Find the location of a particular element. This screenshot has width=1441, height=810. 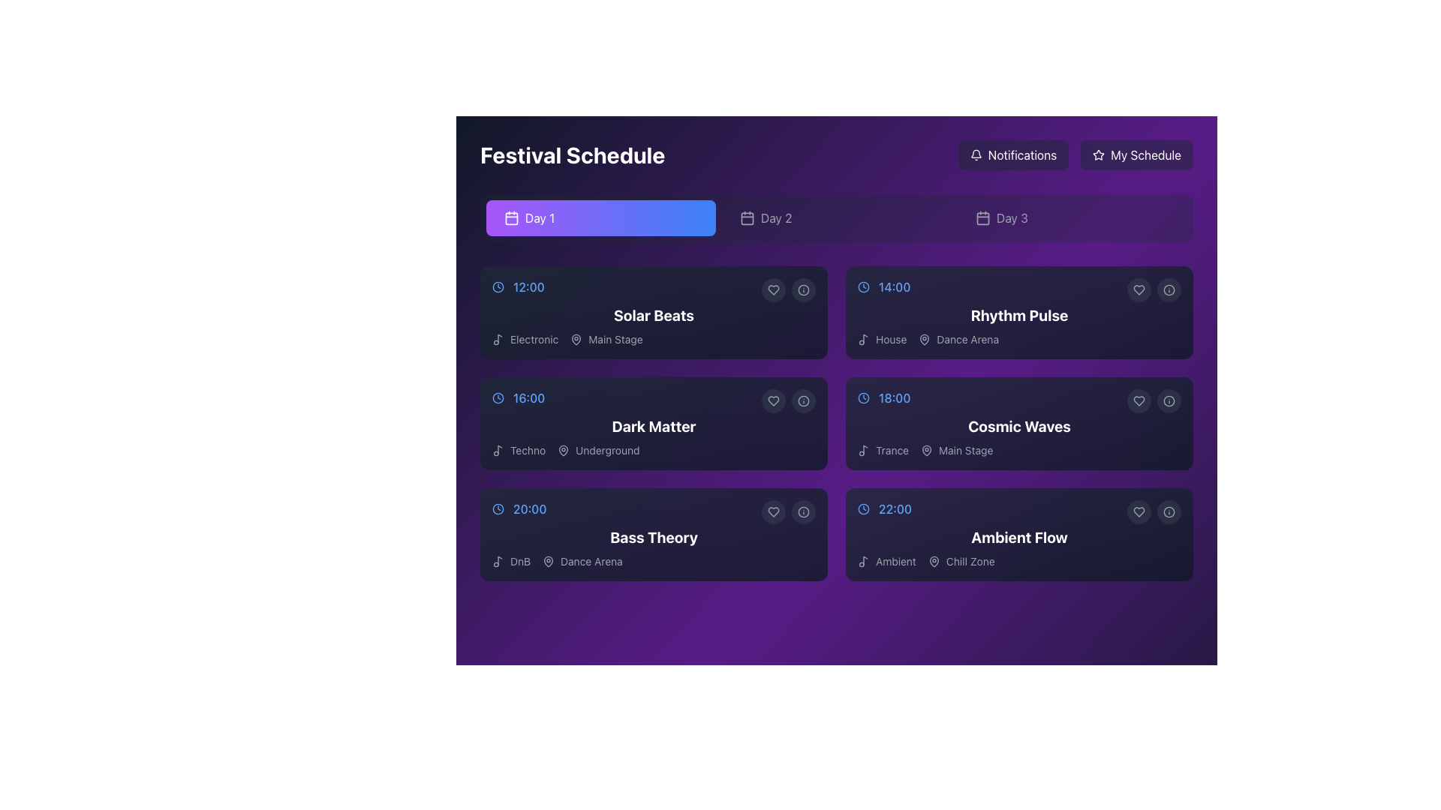

text displayed in the 'Chill Zone' label located at the bottom-right of the 'Ambient Flow' event card is located at coordinates (970, 561).